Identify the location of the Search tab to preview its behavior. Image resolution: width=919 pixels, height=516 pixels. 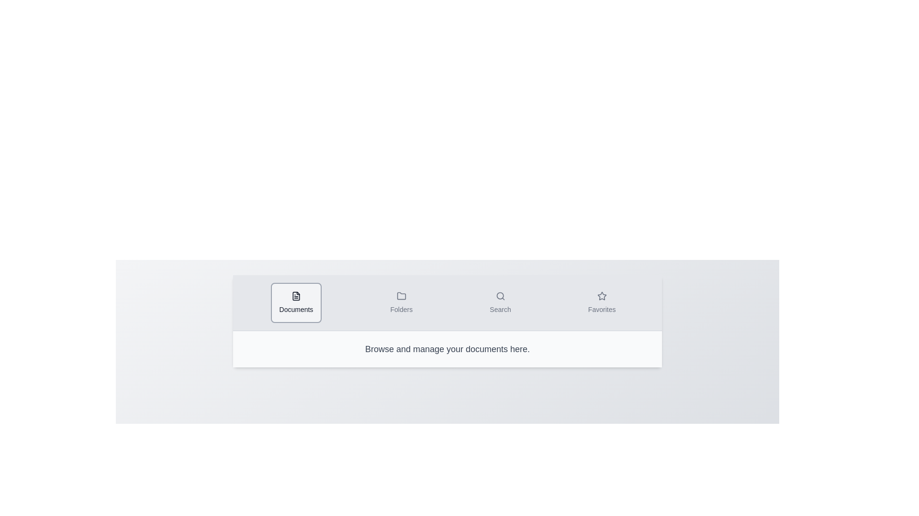
(500, 302).